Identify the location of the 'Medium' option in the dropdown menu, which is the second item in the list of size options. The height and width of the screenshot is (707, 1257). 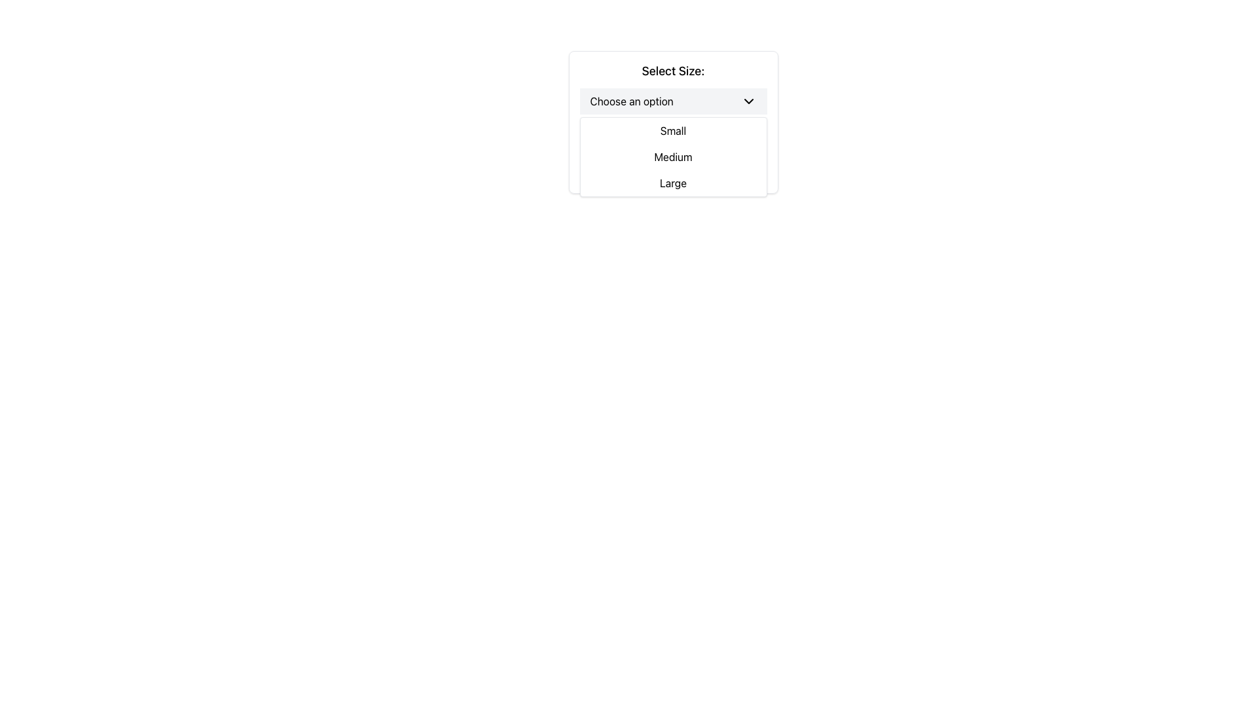
(673, 156).